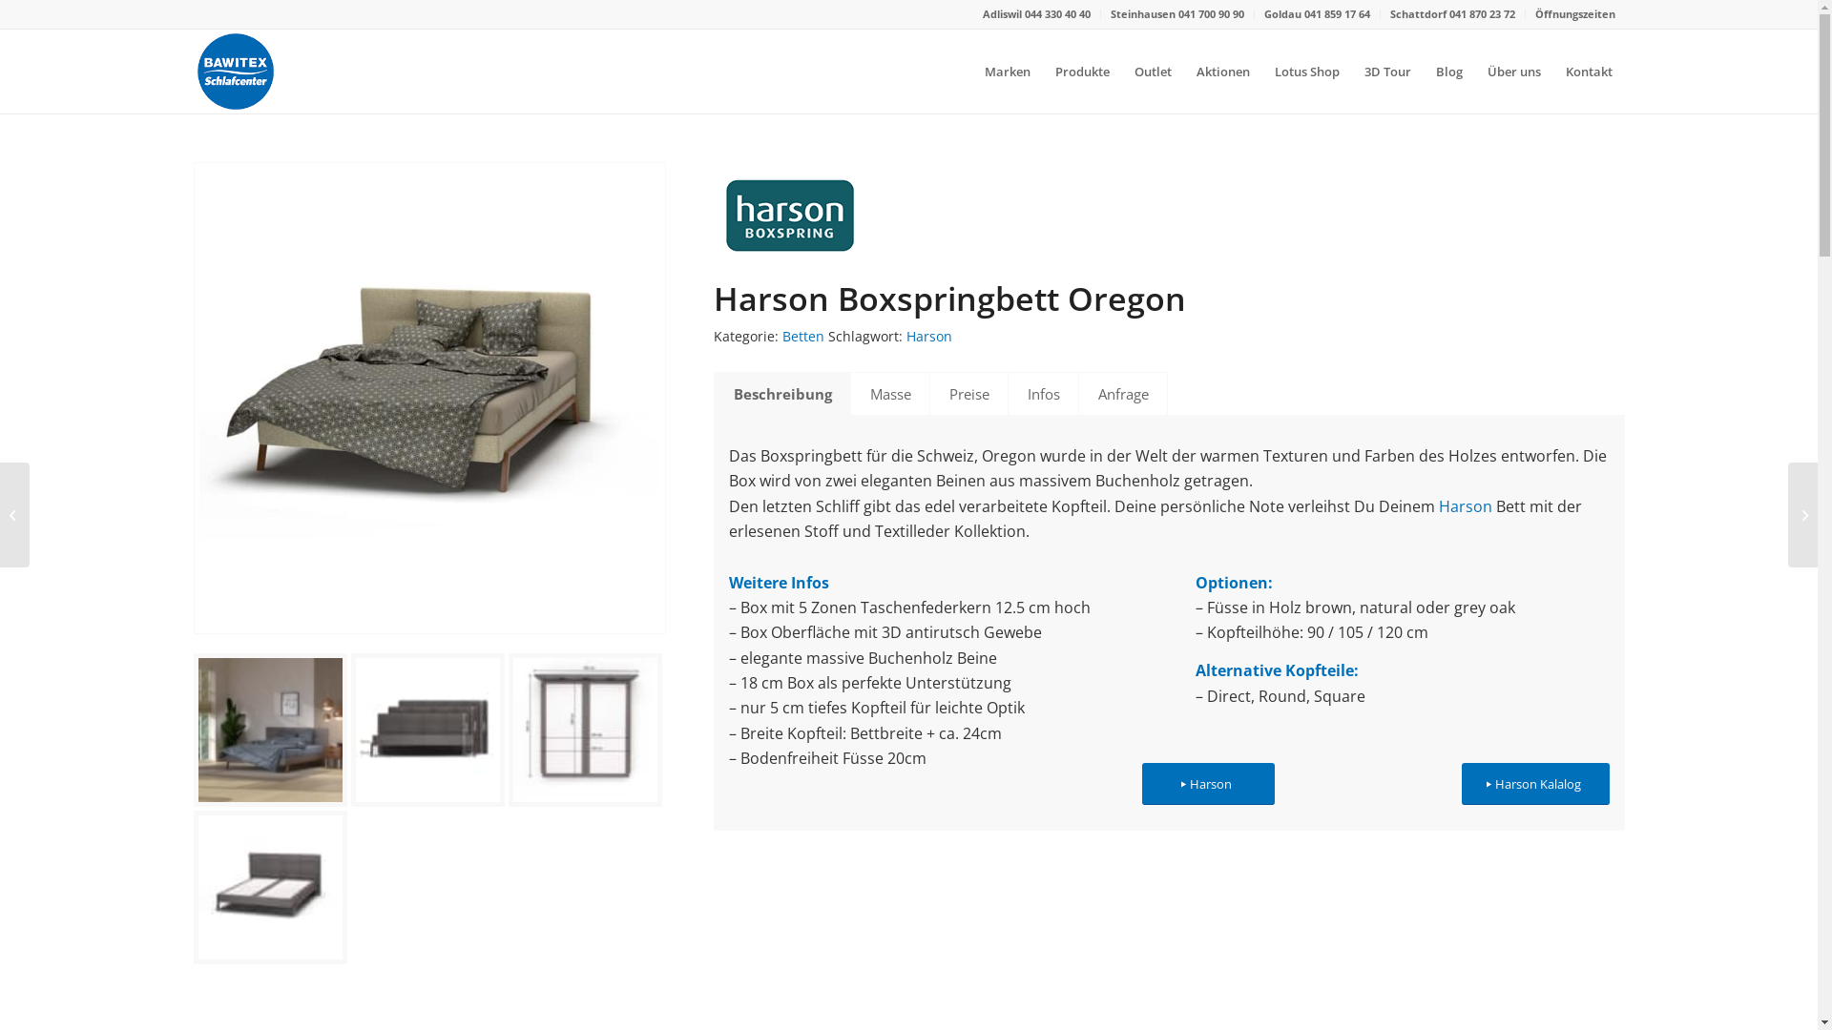  I want to click on '3D Tour', so click(1386, 70).